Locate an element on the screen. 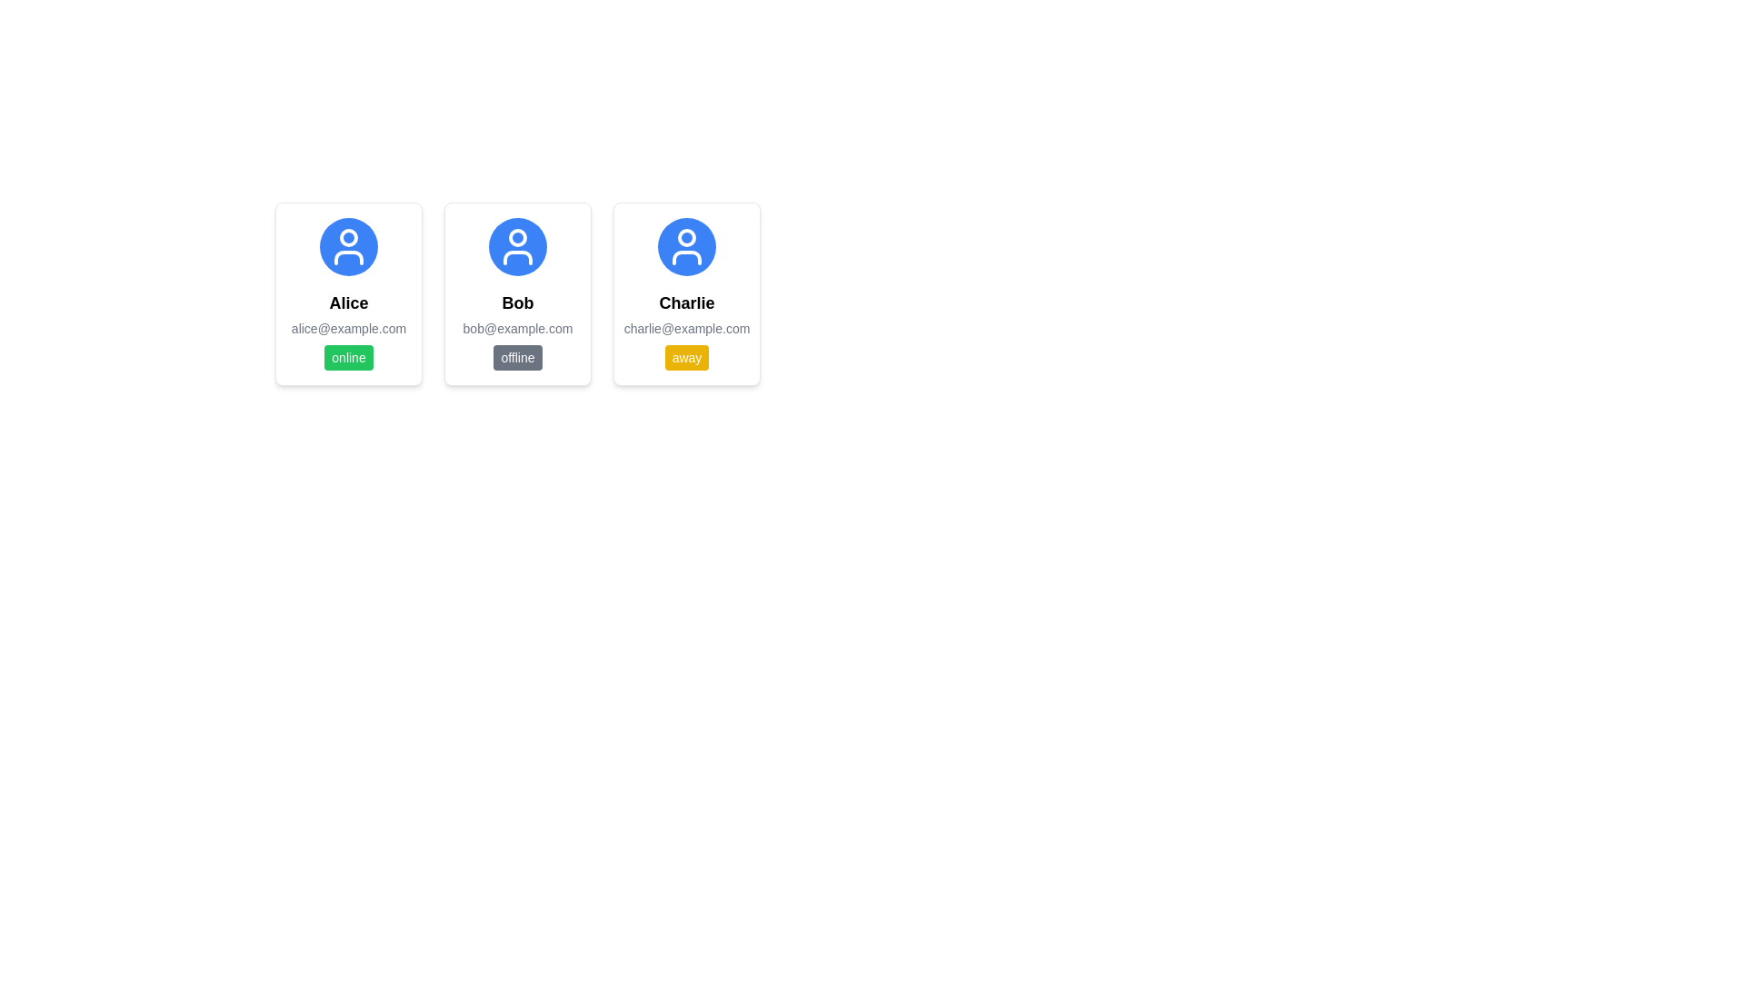 Image resolution: width=1745 pixels, height=981 pixels. the user name text displayed in the middle user card is located at coordinates (517, 302).